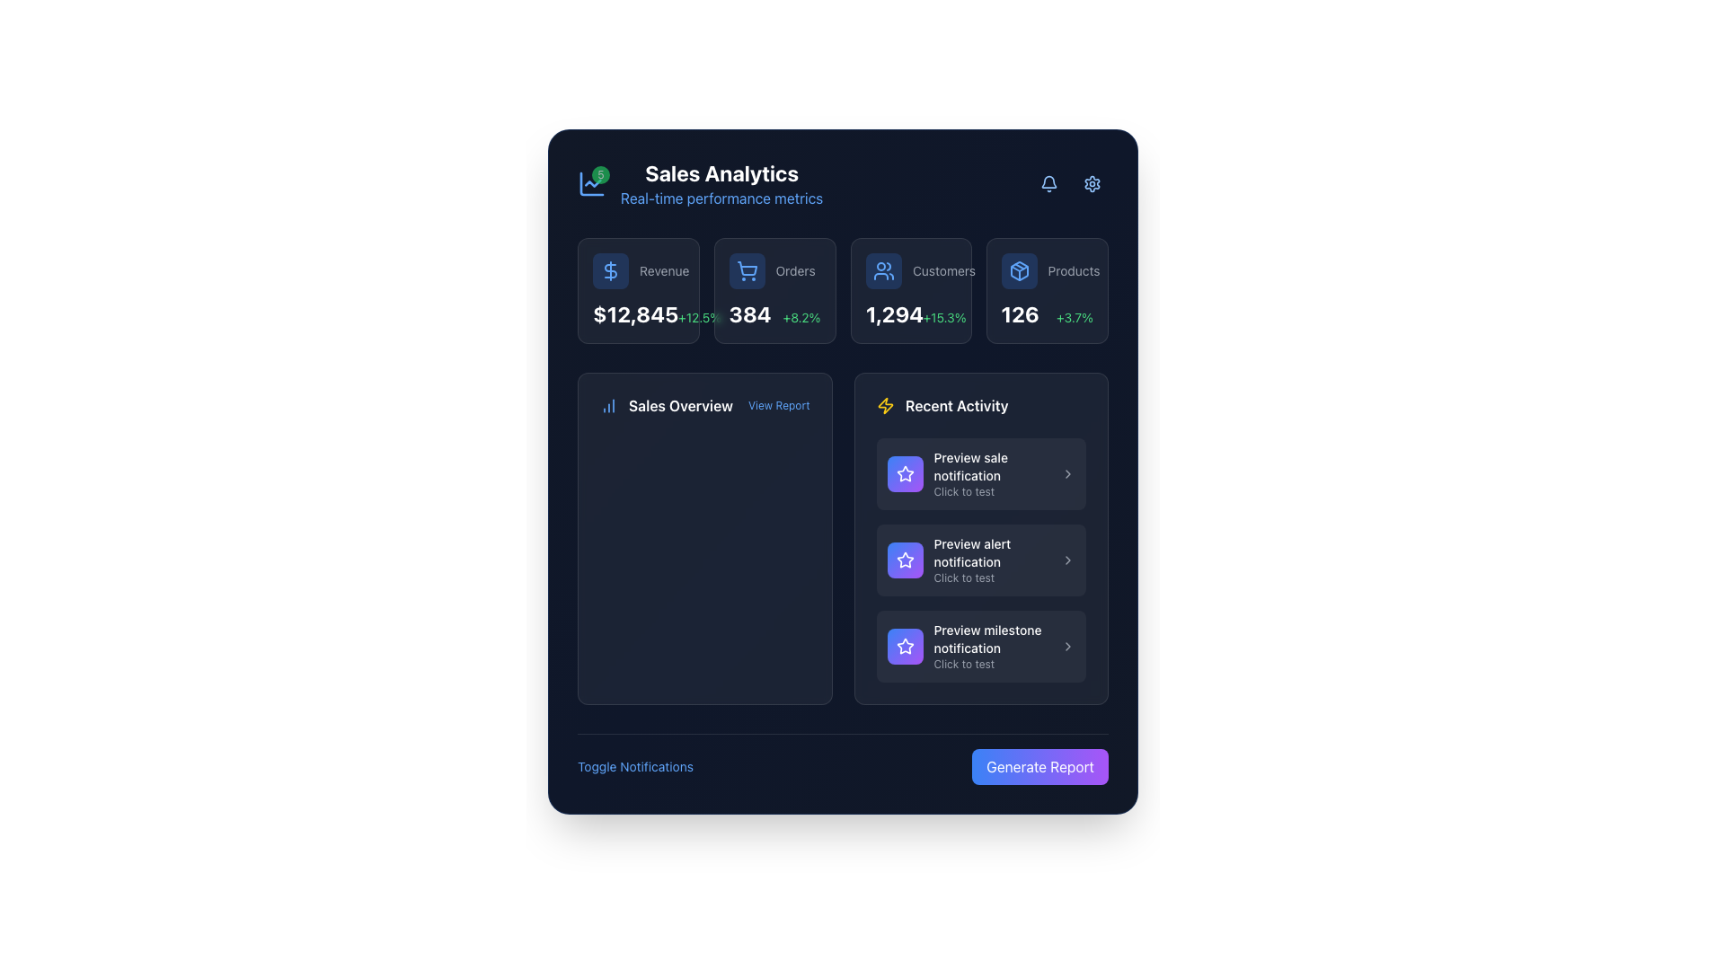 This screenshot has height=970, width=1725. I want to click on the yellow lightning bolt icon located to the left of the 'Recent Activity' text in the dashboard's header, so click(885, 405).